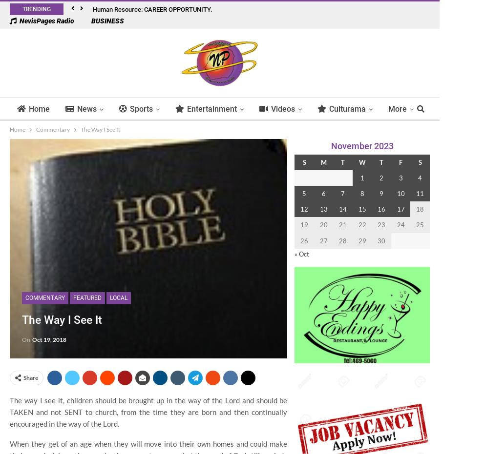 Image resolution: width=485 pixels, height=454 pixels. What do you see at coordinates (32, 338) in the screenshot?
I see `'Oct 19, 2018'` at bounding box center [32, 338].